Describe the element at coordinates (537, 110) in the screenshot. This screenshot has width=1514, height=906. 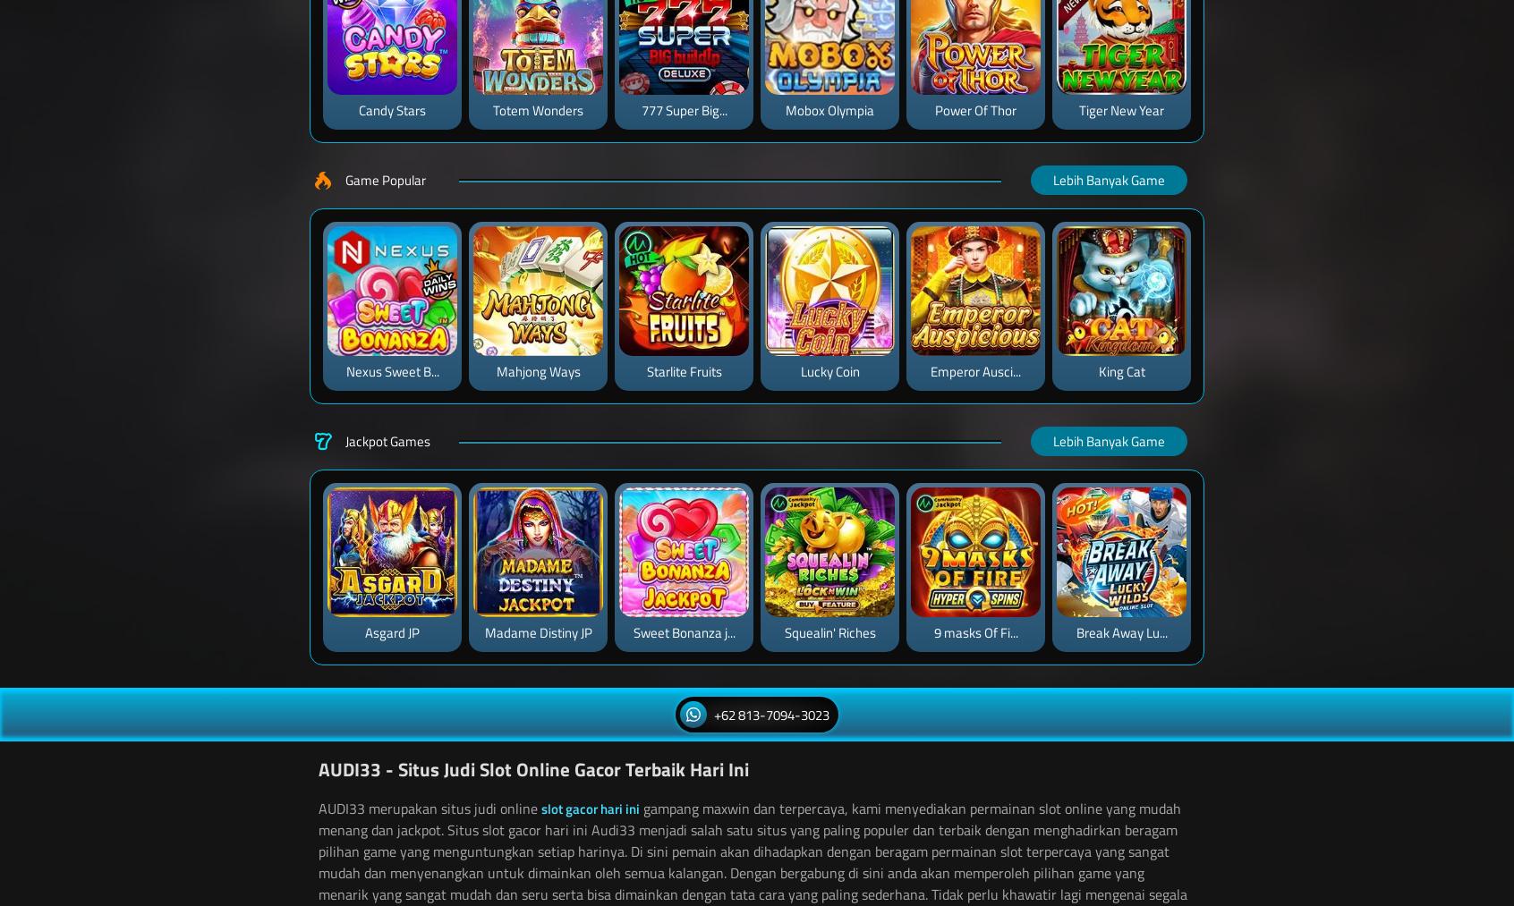
I see `'Totem Wonders'` at that location.